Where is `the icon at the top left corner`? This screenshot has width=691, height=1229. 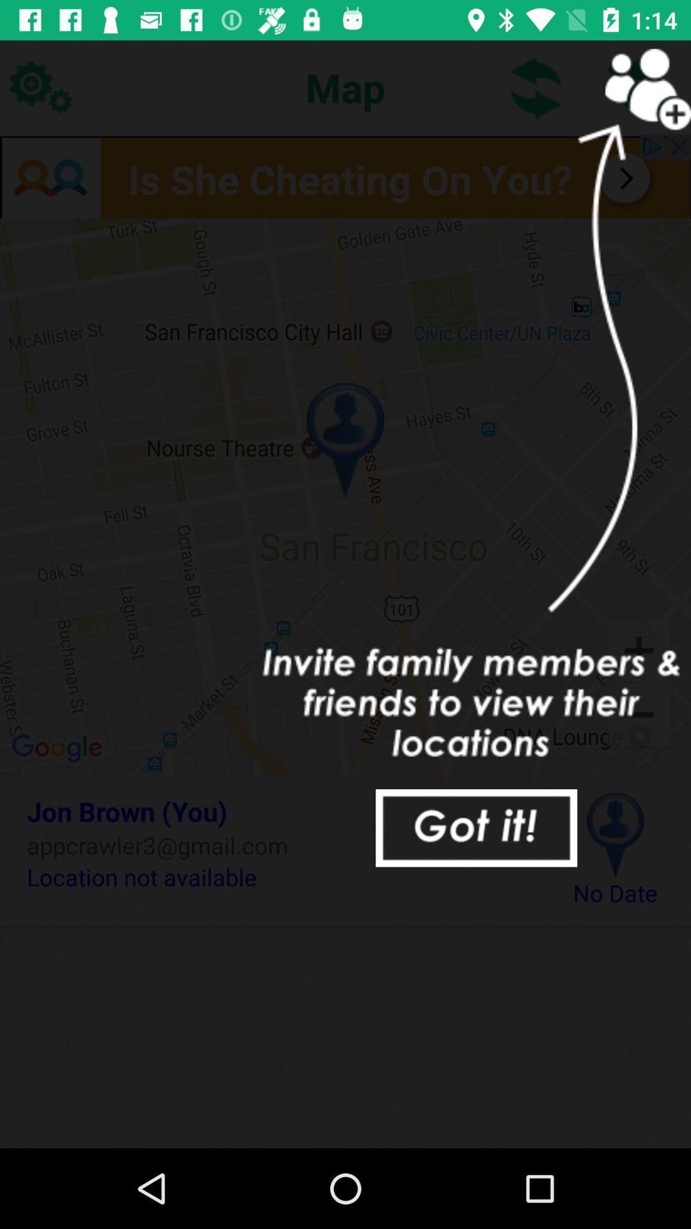
the icon at the top left corner is located at coordinates (39, 86).